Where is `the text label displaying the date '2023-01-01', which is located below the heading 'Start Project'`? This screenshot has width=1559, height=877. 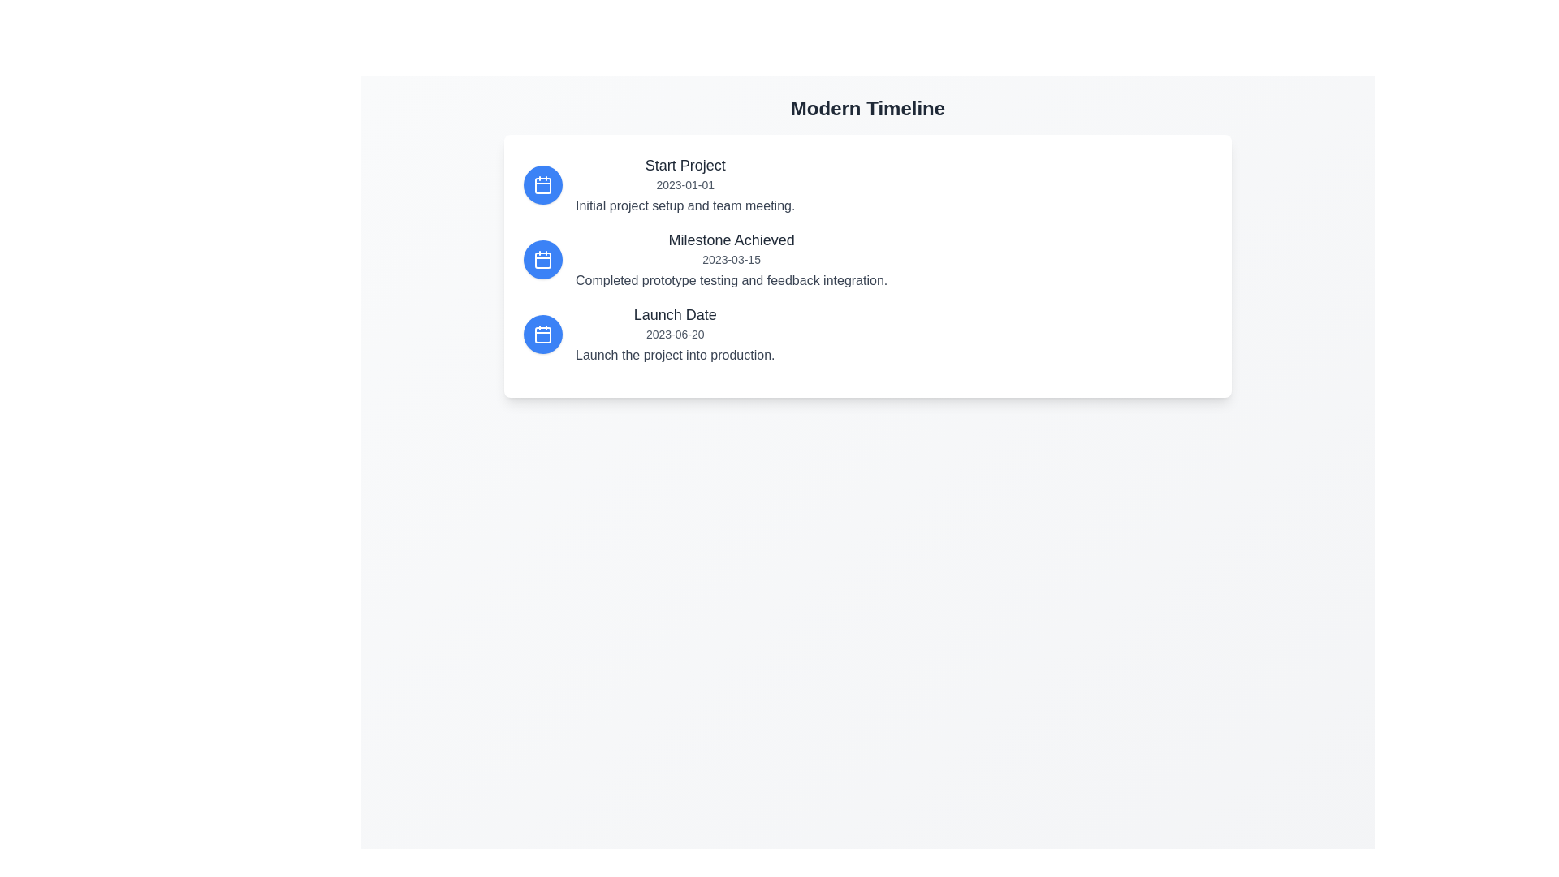 the text label displaying the date '2023-01-01', which is located below the heading 'Start Project' is located at coordinates (685, 184).